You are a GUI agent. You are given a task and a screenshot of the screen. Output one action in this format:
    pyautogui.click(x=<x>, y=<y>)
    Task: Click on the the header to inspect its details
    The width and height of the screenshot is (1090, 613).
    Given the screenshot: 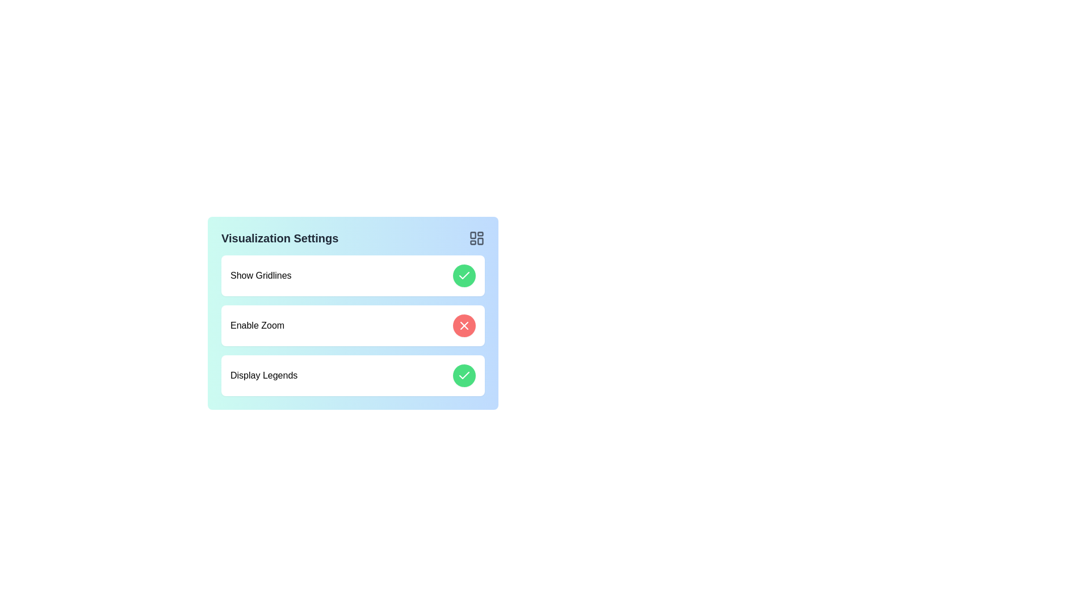 What is the action you would take?
    pyautogui.click(x=353, y=238)
    